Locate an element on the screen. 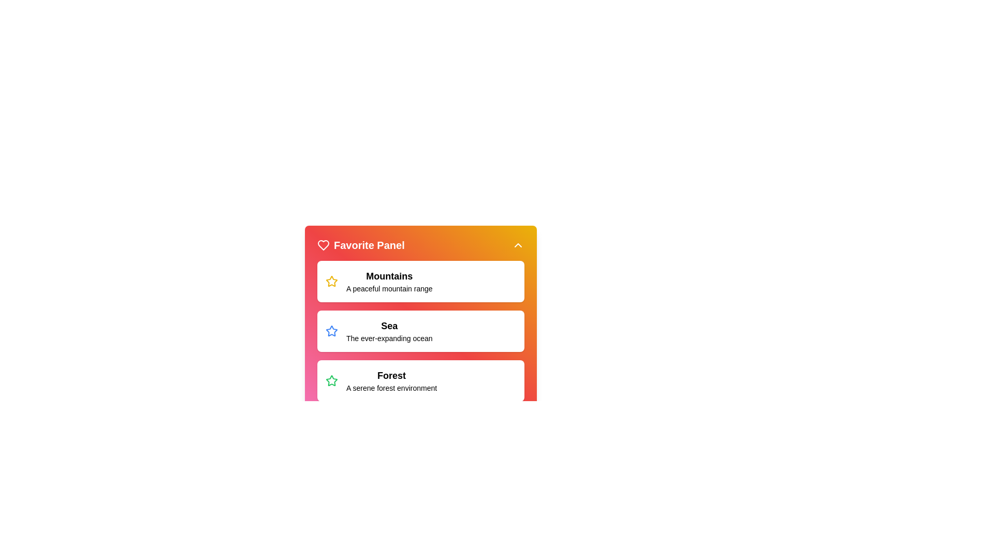 The image size is (994, 559). title and description of the text element located in the third card of the 'Favorite Panel' interface, which includes a title and a descriptive subtitle, positioned under the cards titled 'Mountains' and 'Sea' is located at coordinates (391, 381).